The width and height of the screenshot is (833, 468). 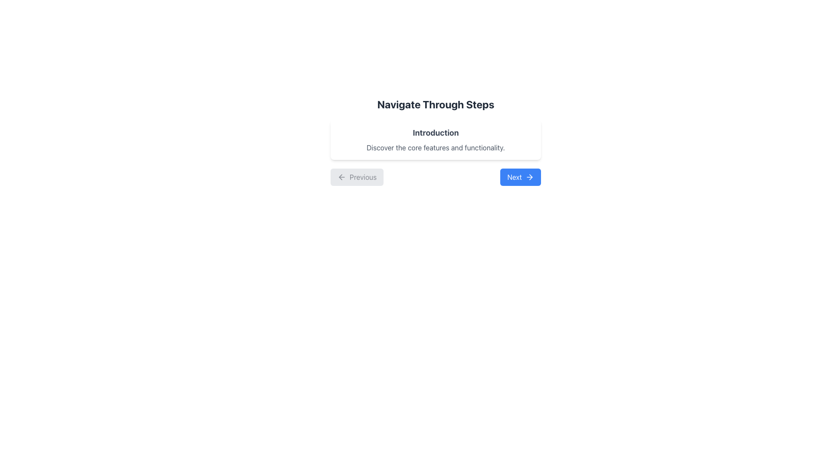 I want to click on the arrow icon located within the 'Next' button, which is positioned on the right side of the horizontal navigation panel near the bottom-right corner of the main content area, so click(x=529, y=176).